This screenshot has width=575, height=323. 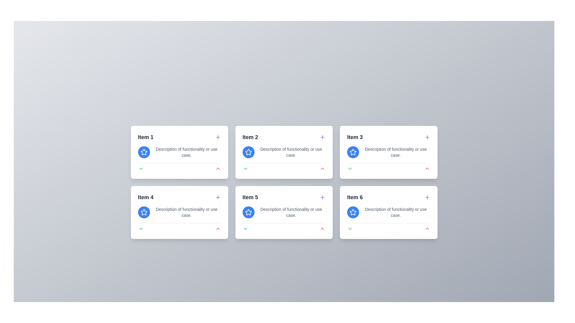 What do you see at coordinates (144, 152) in the screenshot?
I see `the icon located in the upper-left card labeled 'Item 1', positioned to the left of the text 'Description of functionality or use case'` at bounding box center [144, 152].